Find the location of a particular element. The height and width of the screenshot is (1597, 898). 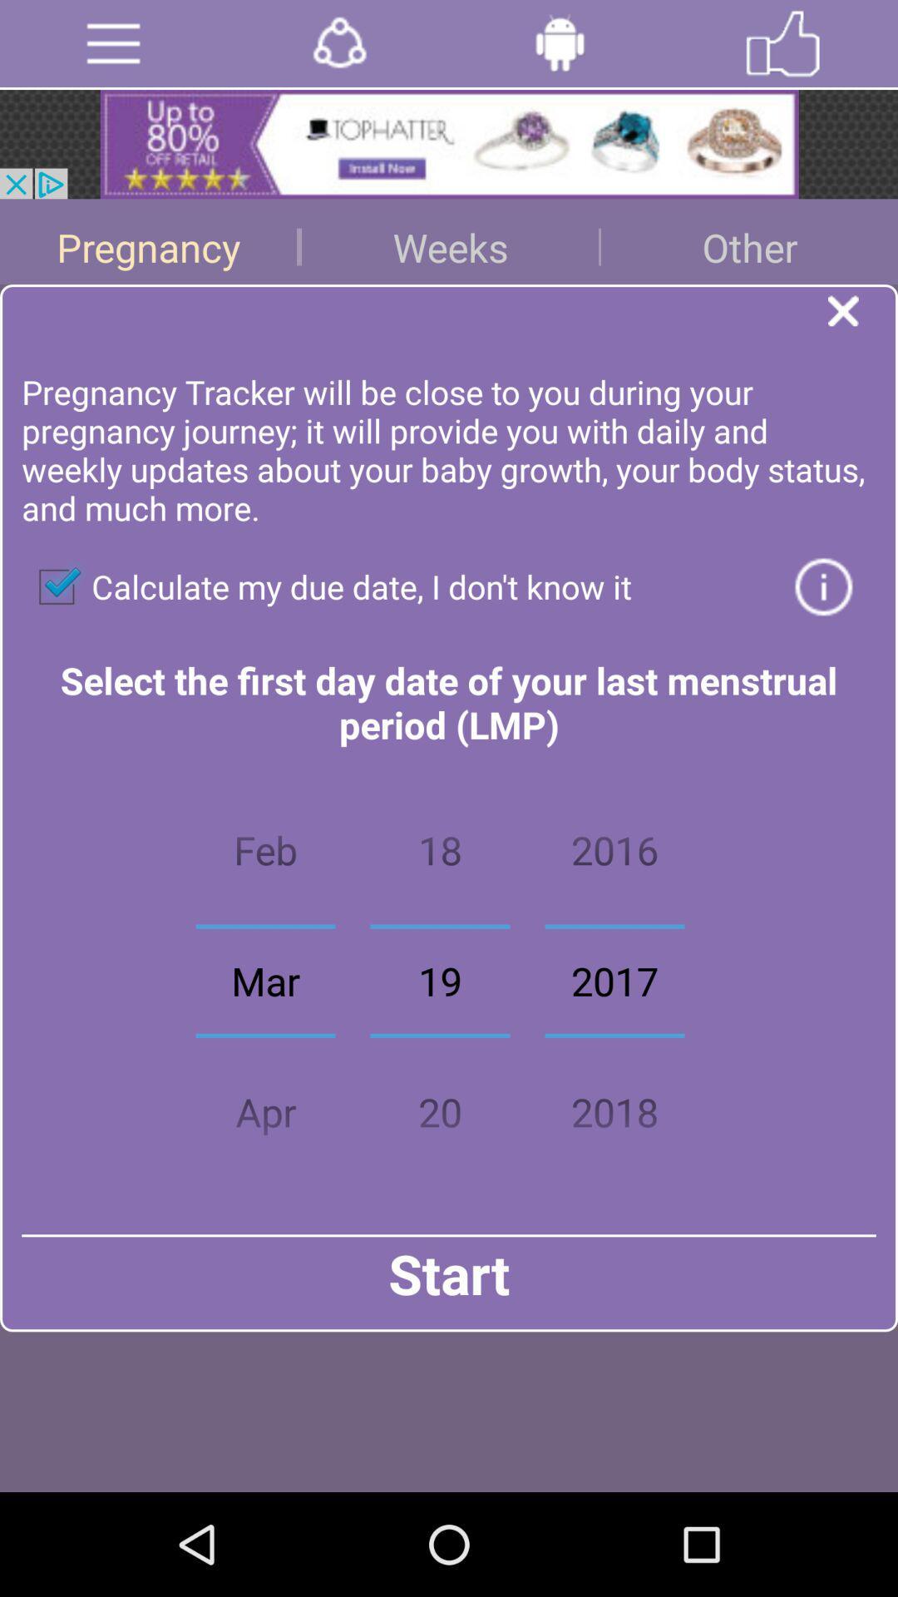

the page is located at coordinates (861, 316).